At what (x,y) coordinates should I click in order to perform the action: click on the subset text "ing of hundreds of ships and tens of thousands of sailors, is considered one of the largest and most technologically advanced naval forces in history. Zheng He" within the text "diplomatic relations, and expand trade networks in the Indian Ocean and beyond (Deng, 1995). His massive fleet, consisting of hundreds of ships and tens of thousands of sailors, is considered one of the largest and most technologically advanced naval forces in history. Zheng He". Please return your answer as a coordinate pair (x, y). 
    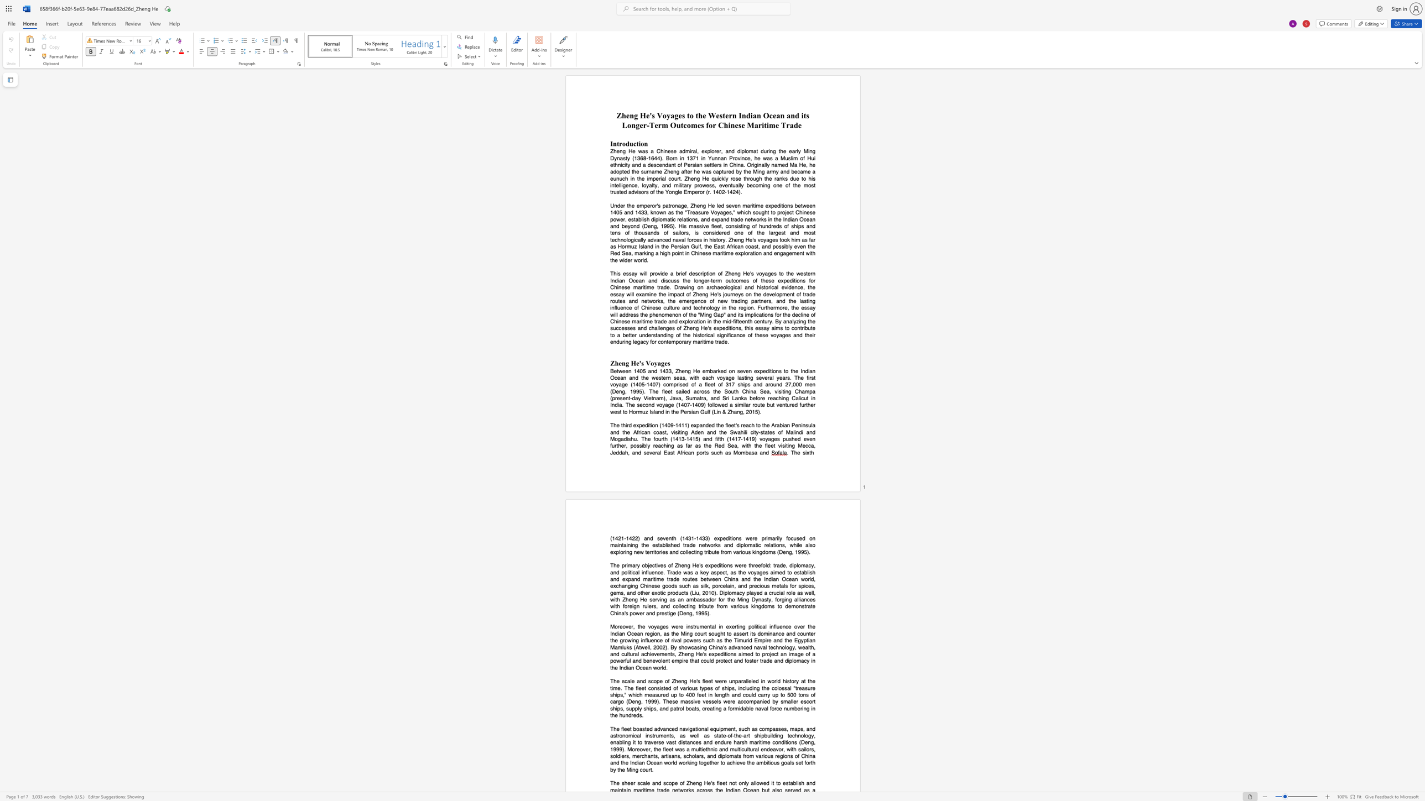
    Looking at the image, I should click on (742, 225).